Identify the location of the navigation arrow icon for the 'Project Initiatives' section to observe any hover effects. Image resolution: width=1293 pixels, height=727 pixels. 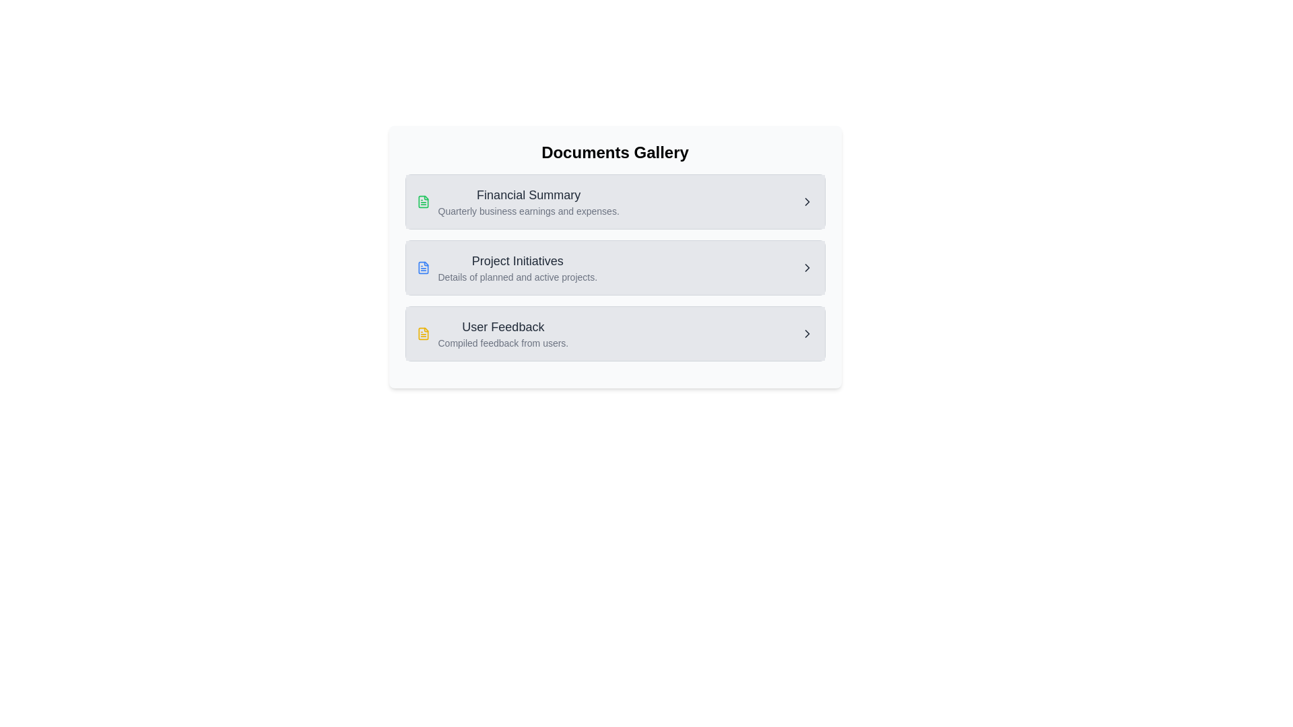
(807, 267).